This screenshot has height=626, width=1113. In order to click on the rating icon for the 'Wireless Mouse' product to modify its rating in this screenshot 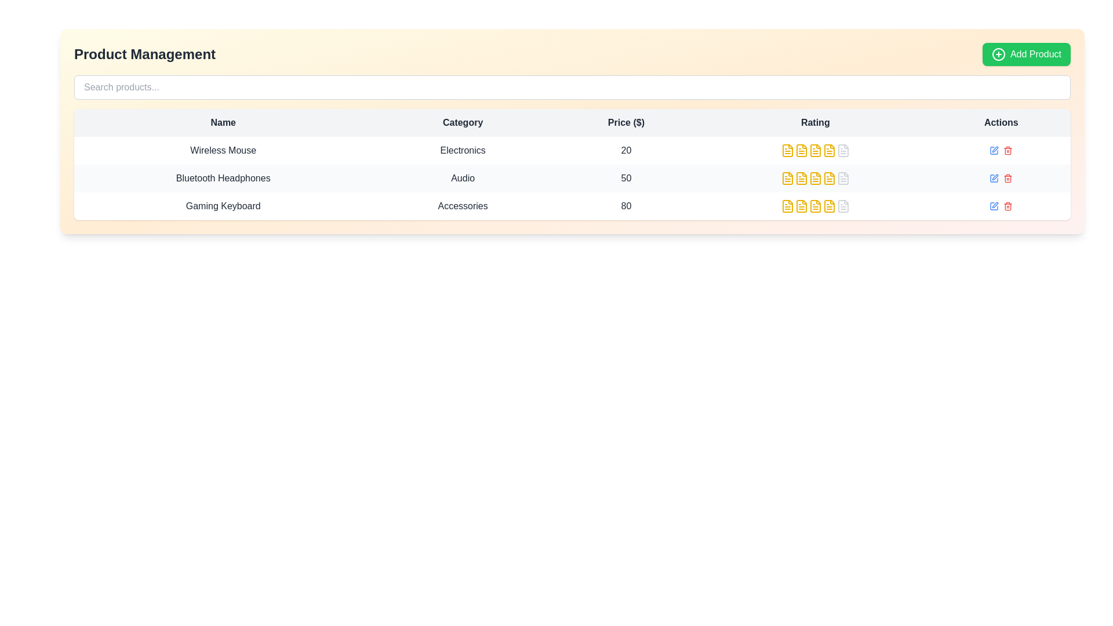, I will do `click(814, 150)`.